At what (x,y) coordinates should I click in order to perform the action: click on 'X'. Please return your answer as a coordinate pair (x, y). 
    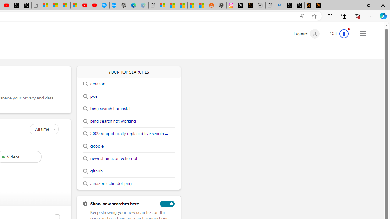
    Looking at the image, I should click on (26, 5).